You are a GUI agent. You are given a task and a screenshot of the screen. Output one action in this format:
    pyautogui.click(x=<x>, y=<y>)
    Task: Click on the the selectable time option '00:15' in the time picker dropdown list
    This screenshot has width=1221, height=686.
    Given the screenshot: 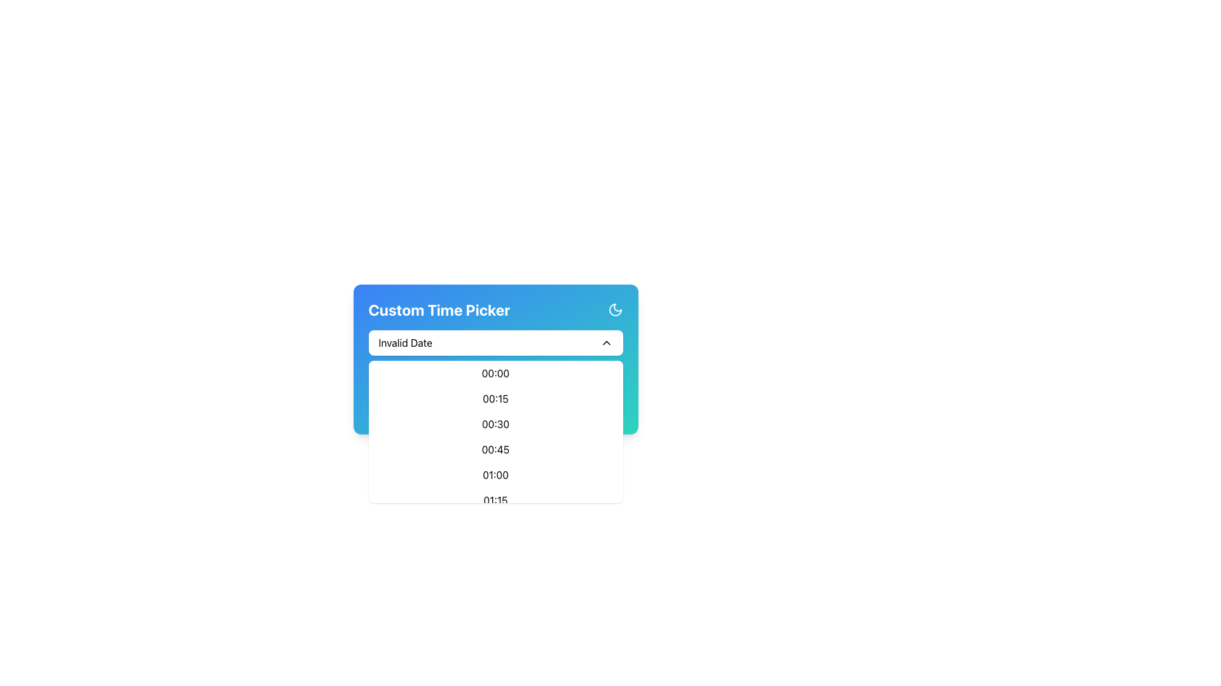 What is the action you would take?
    pyautogui.click(x=495, y=398)
    